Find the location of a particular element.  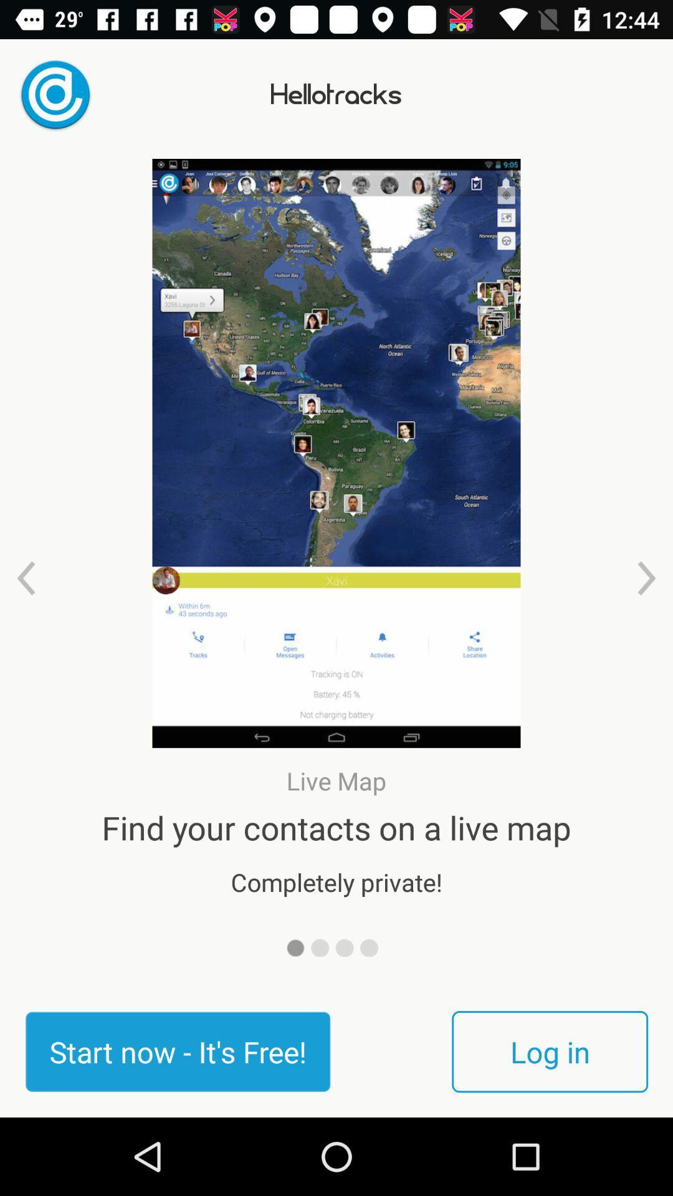

the arrow_backward icon is located at coordinates (26, 577).